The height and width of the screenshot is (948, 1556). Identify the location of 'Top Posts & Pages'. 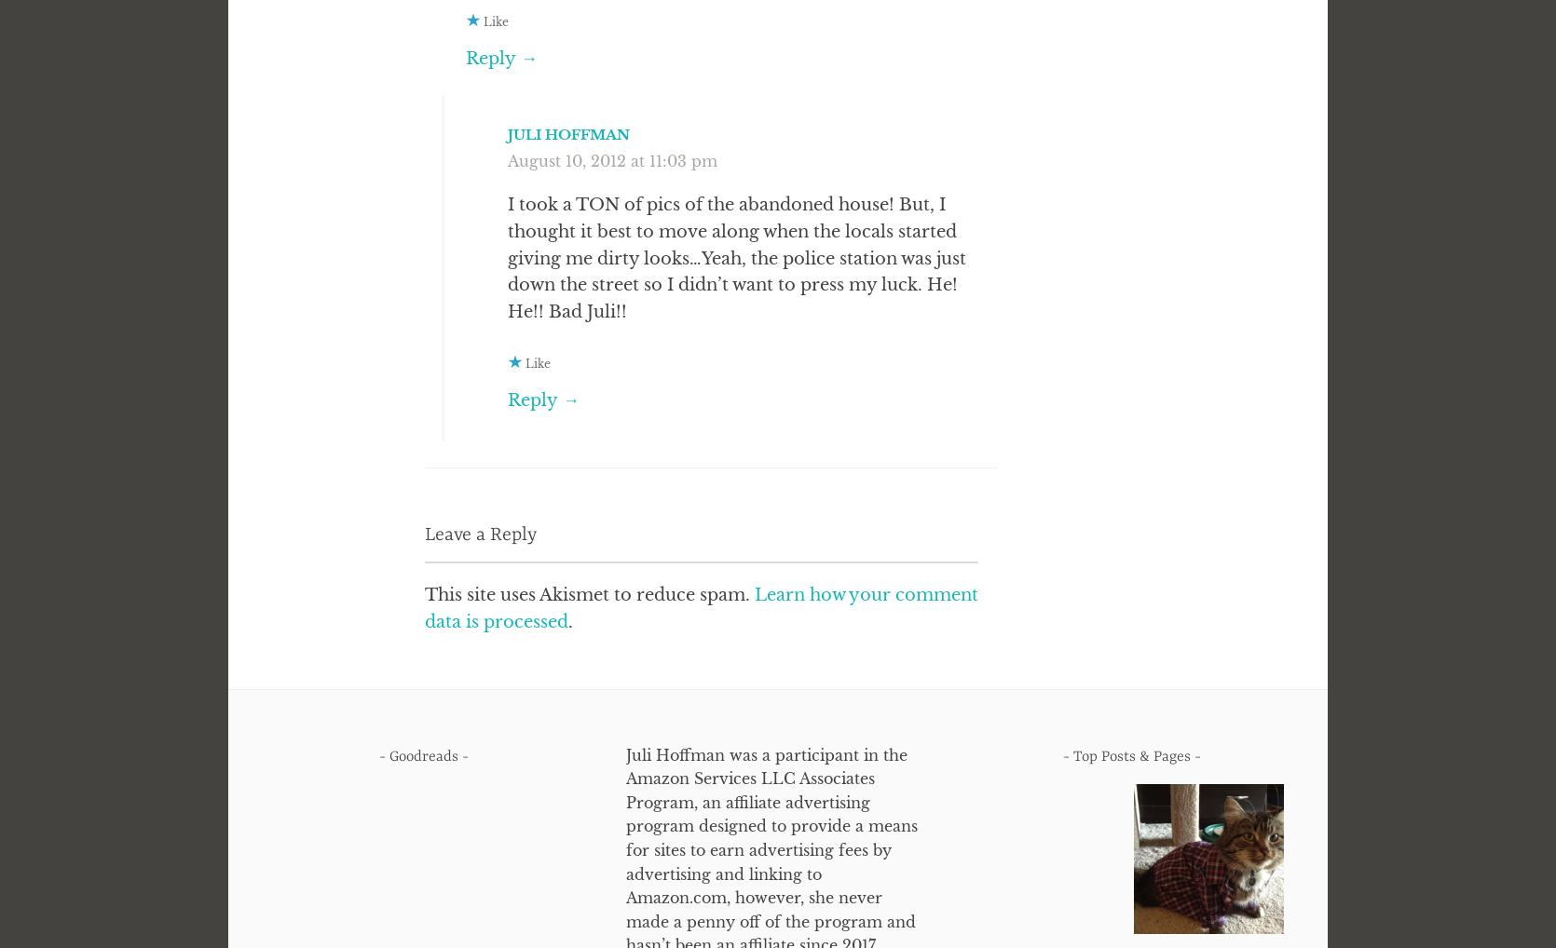
(1130, 755).